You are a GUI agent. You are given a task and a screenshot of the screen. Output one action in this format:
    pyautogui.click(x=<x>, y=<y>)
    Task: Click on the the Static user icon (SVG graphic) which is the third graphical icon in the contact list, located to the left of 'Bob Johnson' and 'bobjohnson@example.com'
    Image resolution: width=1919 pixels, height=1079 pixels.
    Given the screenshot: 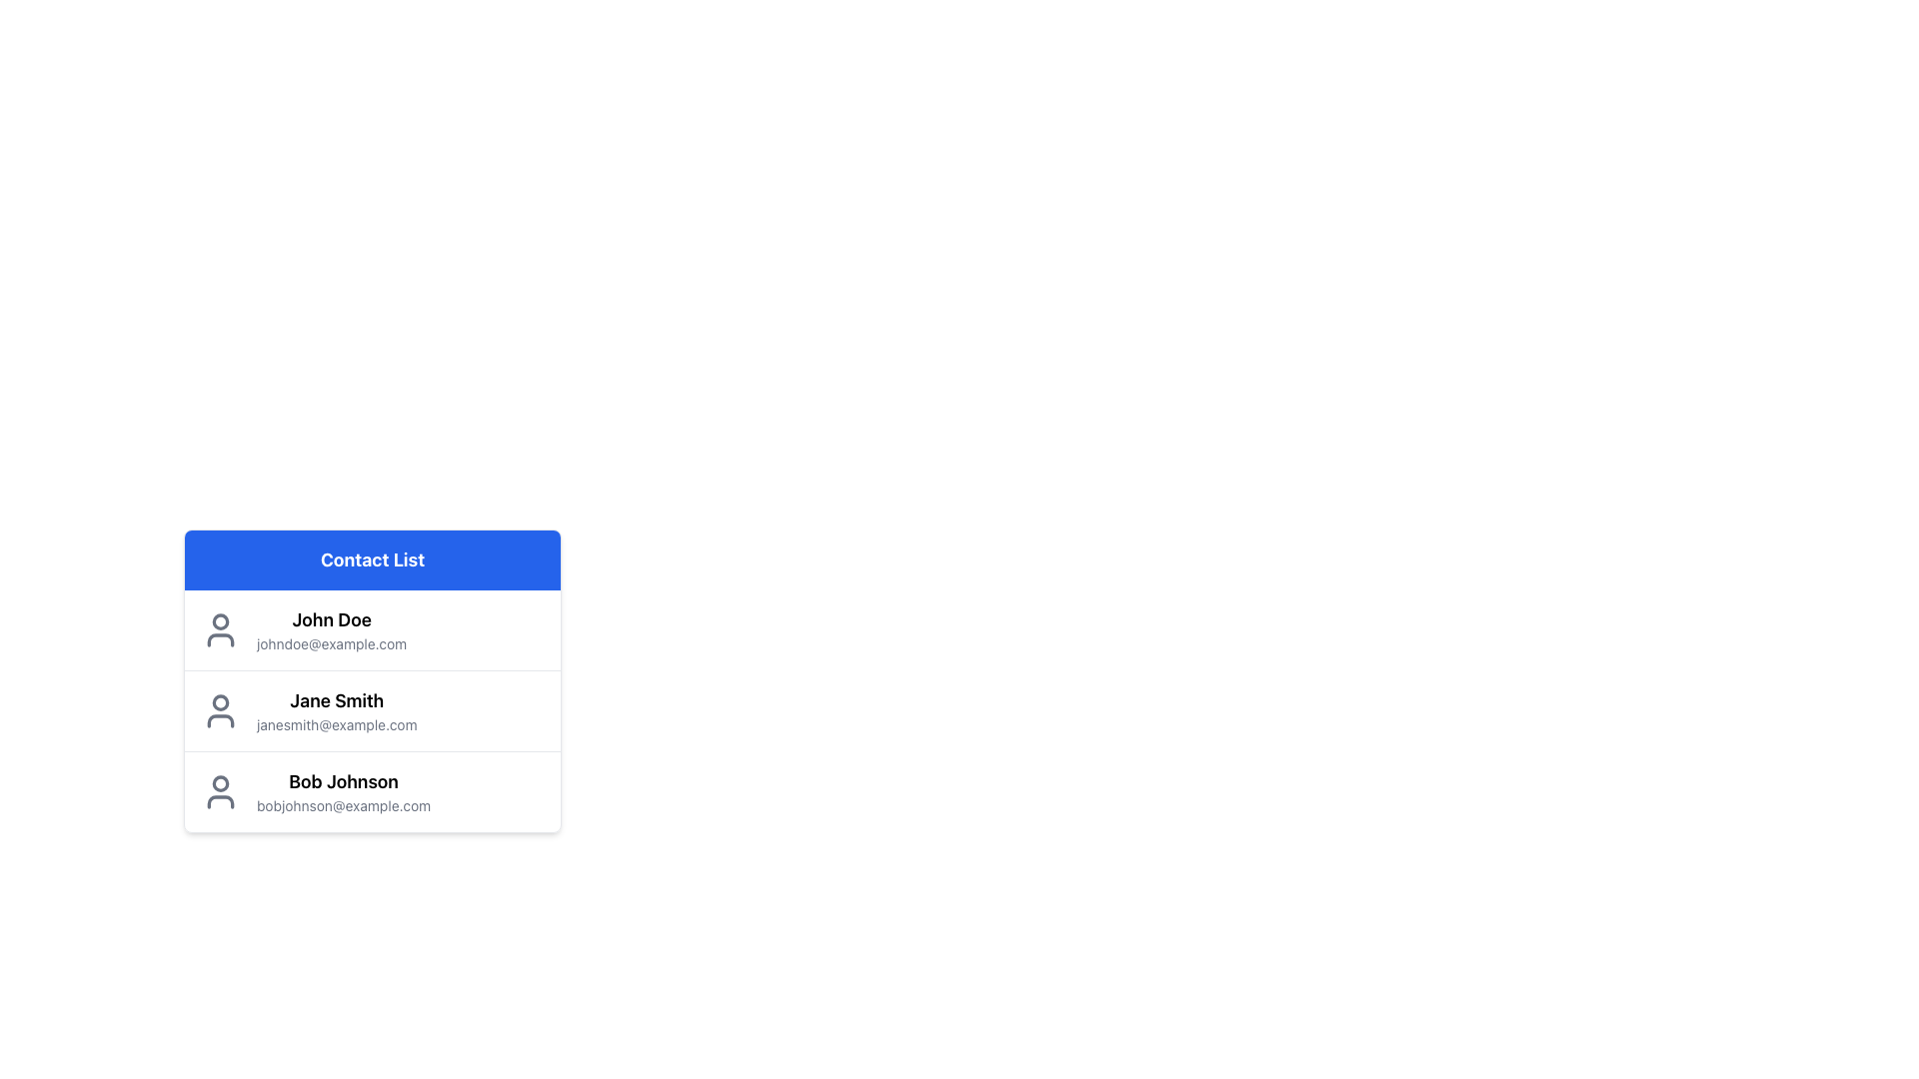 What is the action you would take?
    pyautogui.click(x=220, y=791)
    